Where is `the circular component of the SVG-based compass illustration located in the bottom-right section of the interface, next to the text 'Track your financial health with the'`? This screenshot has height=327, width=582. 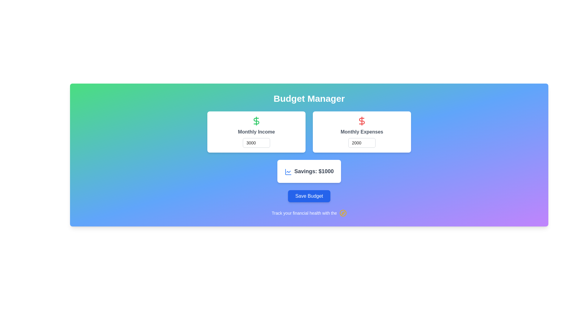
the circular component of the SVG-based compass illustration located in the bottom-right section of the interface, next to the text 'Track your financial health with the' is located at coordinates (343, 213).